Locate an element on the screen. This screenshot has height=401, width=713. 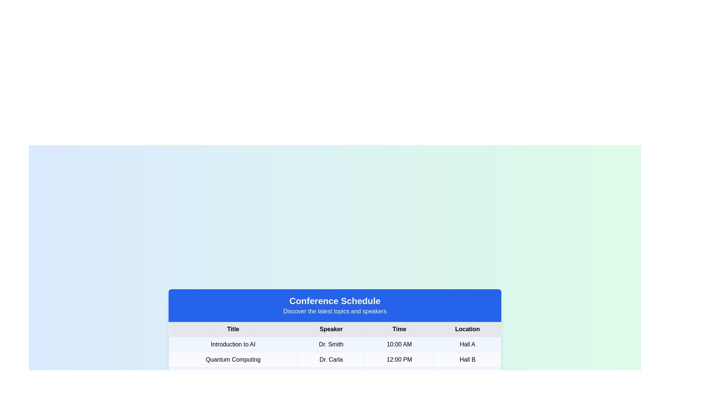
the textual heading element that introduces the conference schedule, which is centrally located within a blue banner above the table-like structure is located at coordinates (335, 301).